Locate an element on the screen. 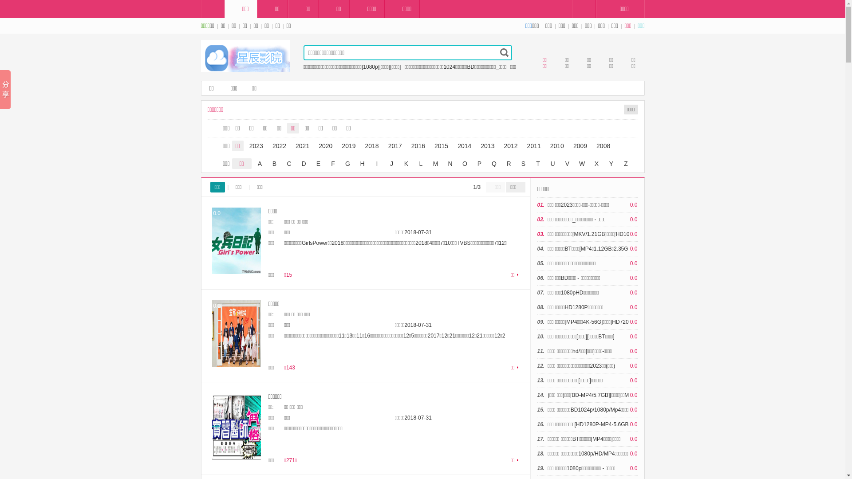  '2008' is located at coordinates (592, 145).